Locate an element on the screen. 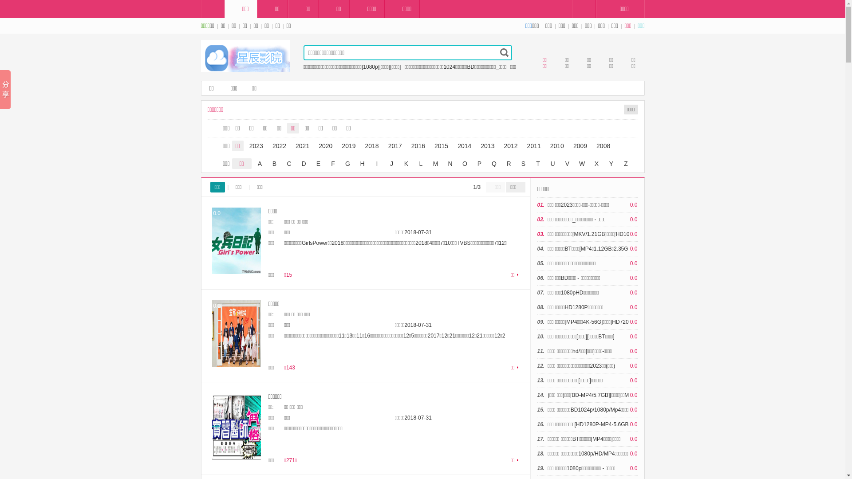  '2008' is located at coordinates (592, 145).